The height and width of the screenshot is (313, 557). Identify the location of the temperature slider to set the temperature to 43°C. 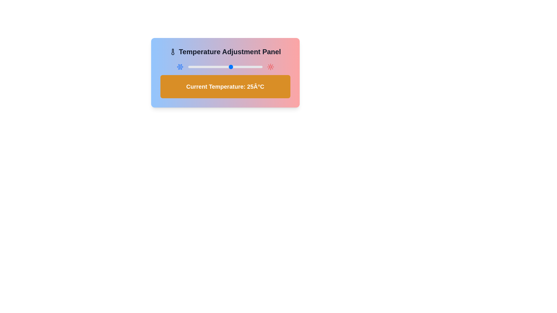
(254, 67).